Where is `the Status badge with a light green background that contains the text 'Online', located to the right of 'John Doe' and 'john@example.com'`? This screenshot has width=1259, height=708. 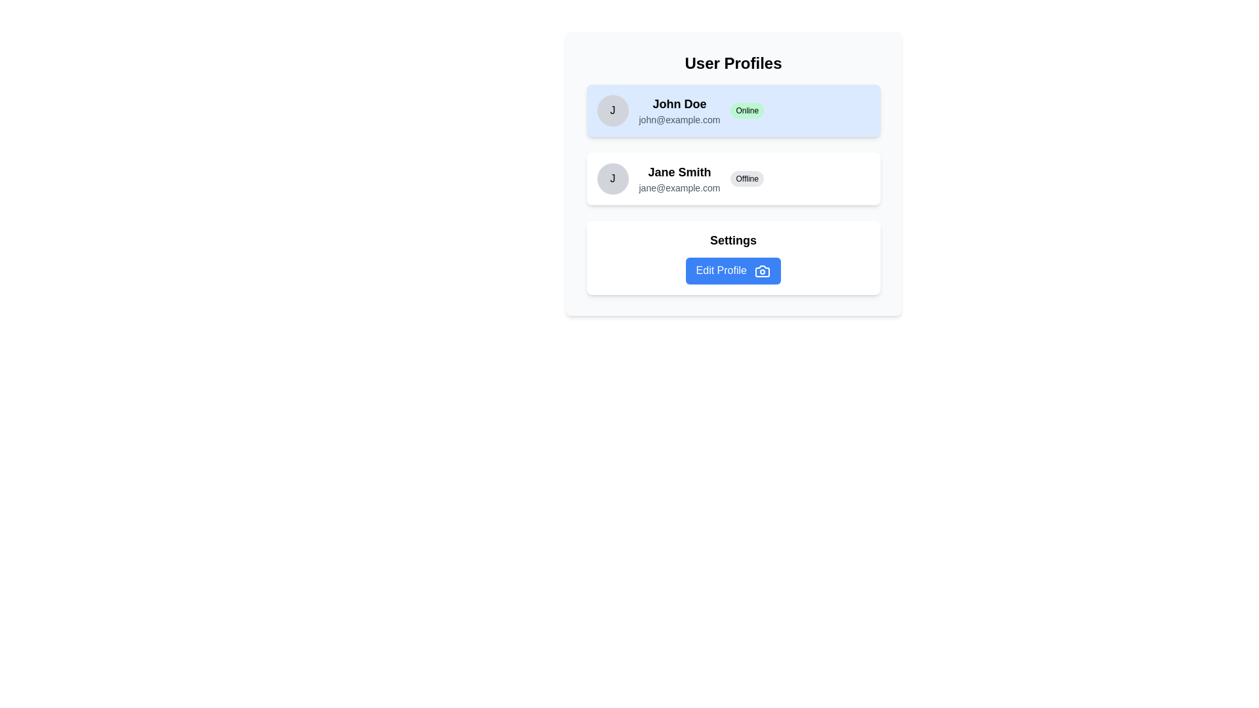
the Status badge with a light green background that contains the text 'Online', located to the right of 'John Doe' and 'john@example.com' is located at coordinates (747, 110).